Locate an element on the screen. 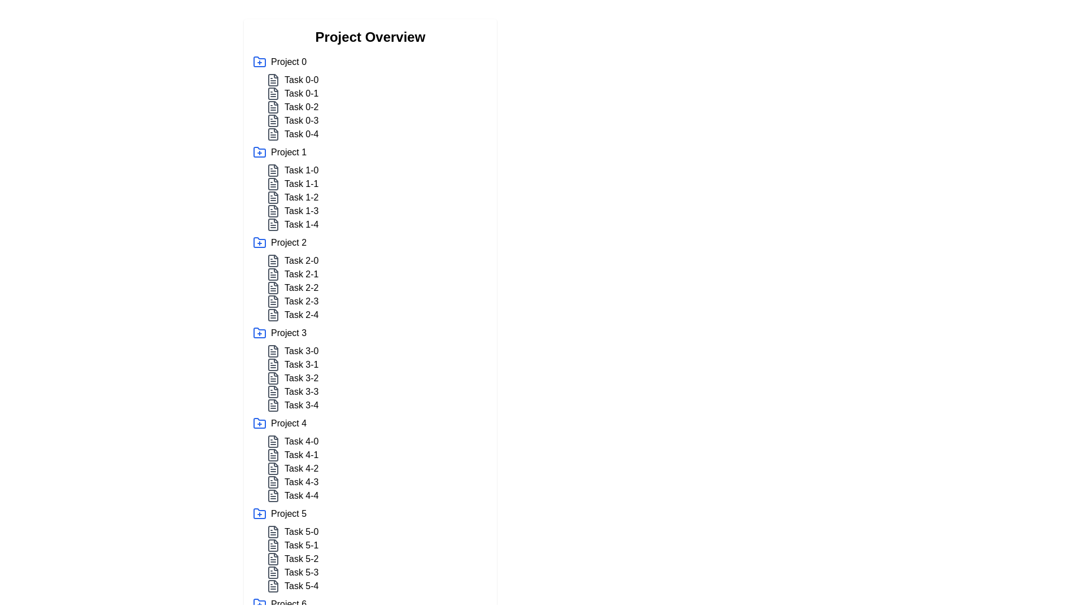  the second task identifier Text label in the 'Project 2' task list is located at coordinates (301, 274).